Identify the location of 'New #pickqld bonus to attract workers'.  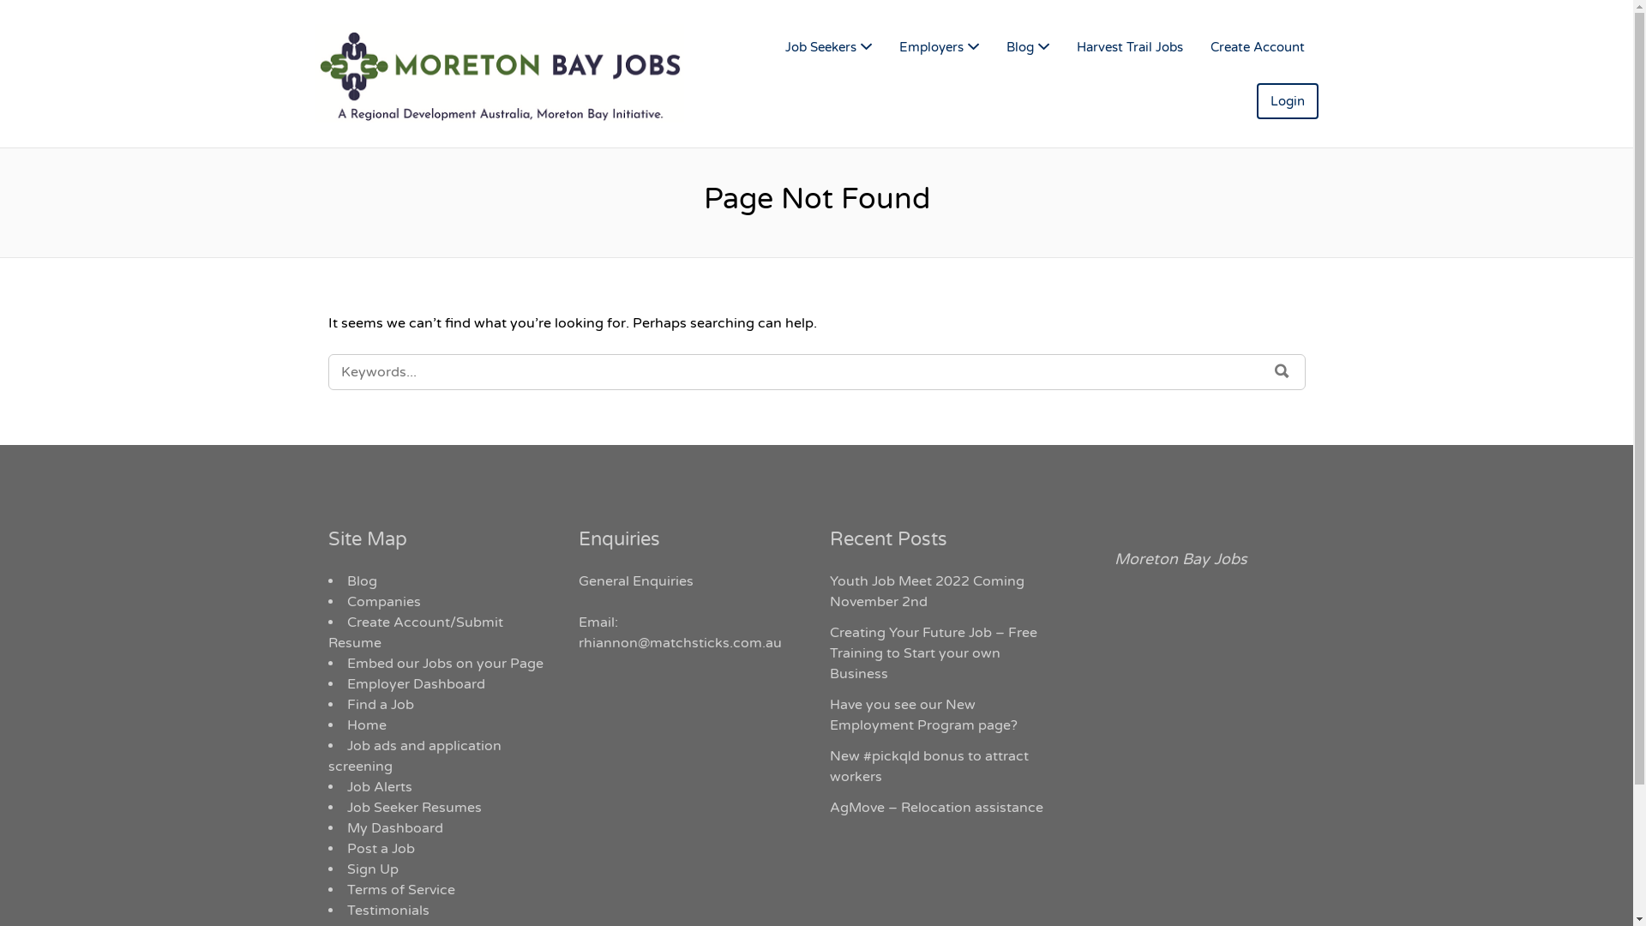
(928, 766).